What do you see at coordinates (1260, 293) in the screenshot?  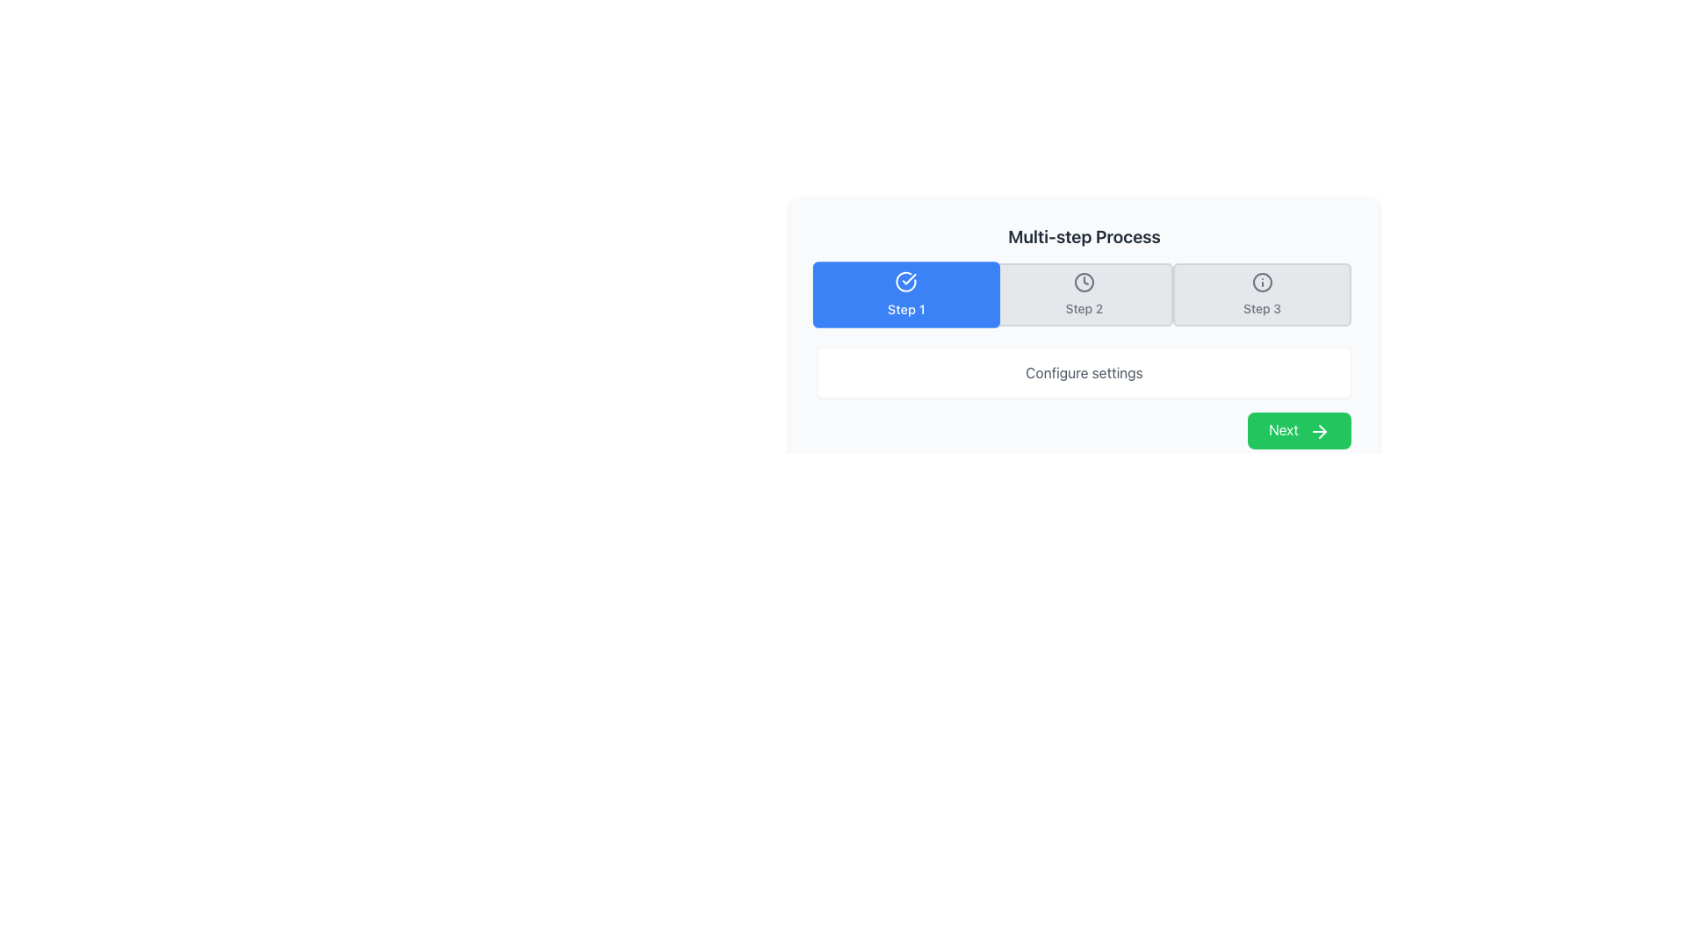 I see `the rectangular button with rounded corners labeled 'Step 3'` at bounding box center [1260, 293].